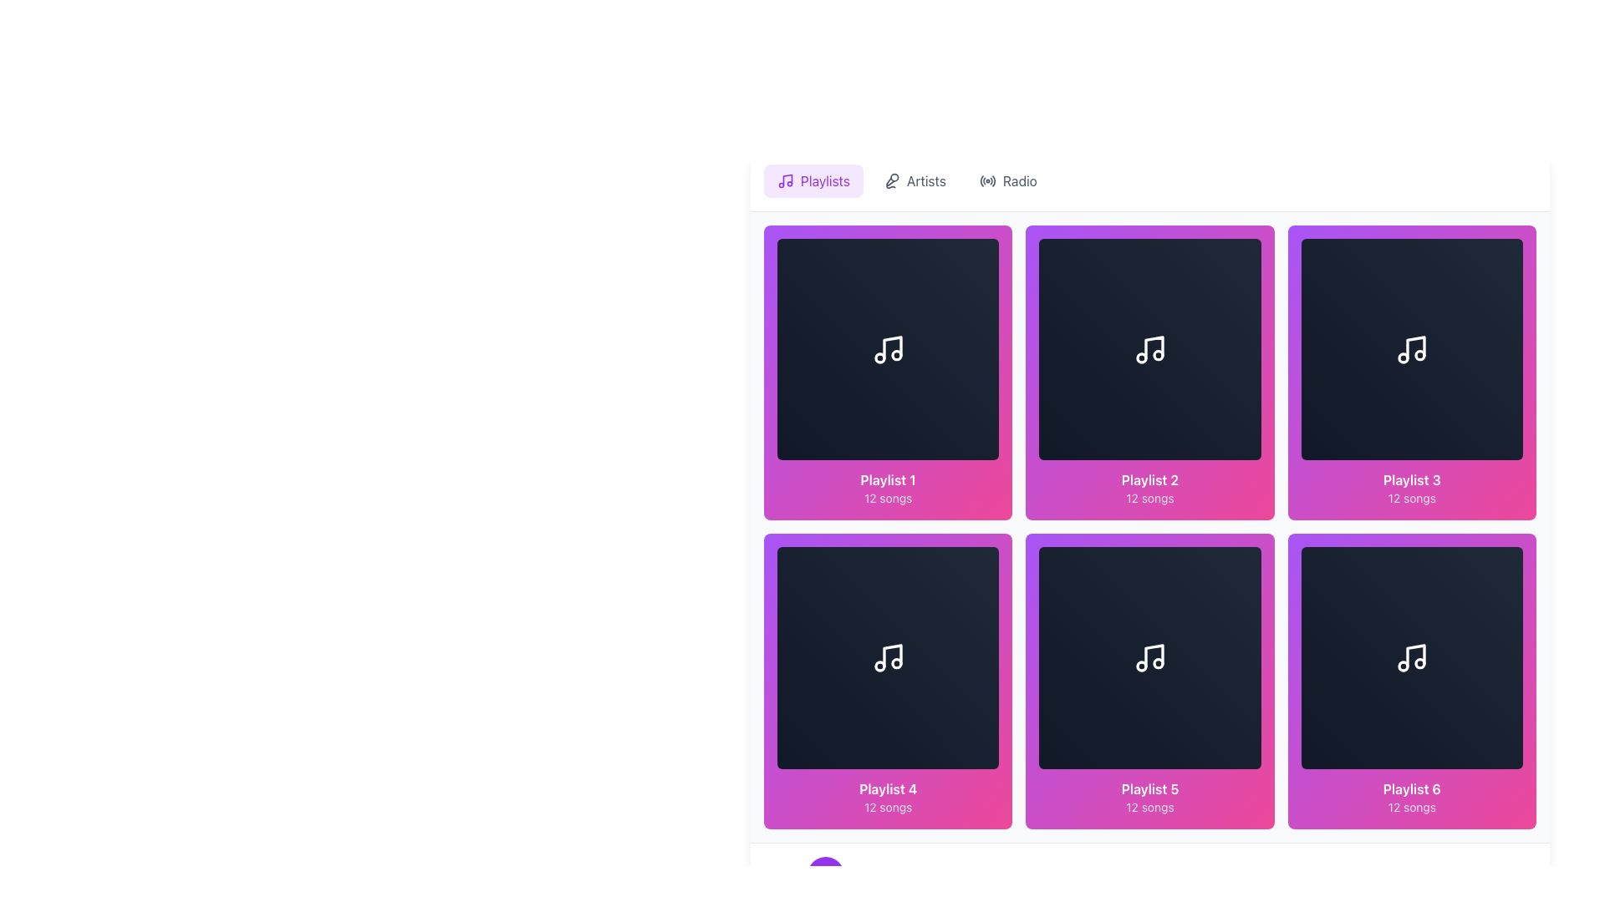 The height and width of the screenshot is (902, 1605). I want to click on the text label displaying the name of the playlist 'Playlist 4', which is located inside the card in the second row, first column of the playlist grid, so click(887, 788).